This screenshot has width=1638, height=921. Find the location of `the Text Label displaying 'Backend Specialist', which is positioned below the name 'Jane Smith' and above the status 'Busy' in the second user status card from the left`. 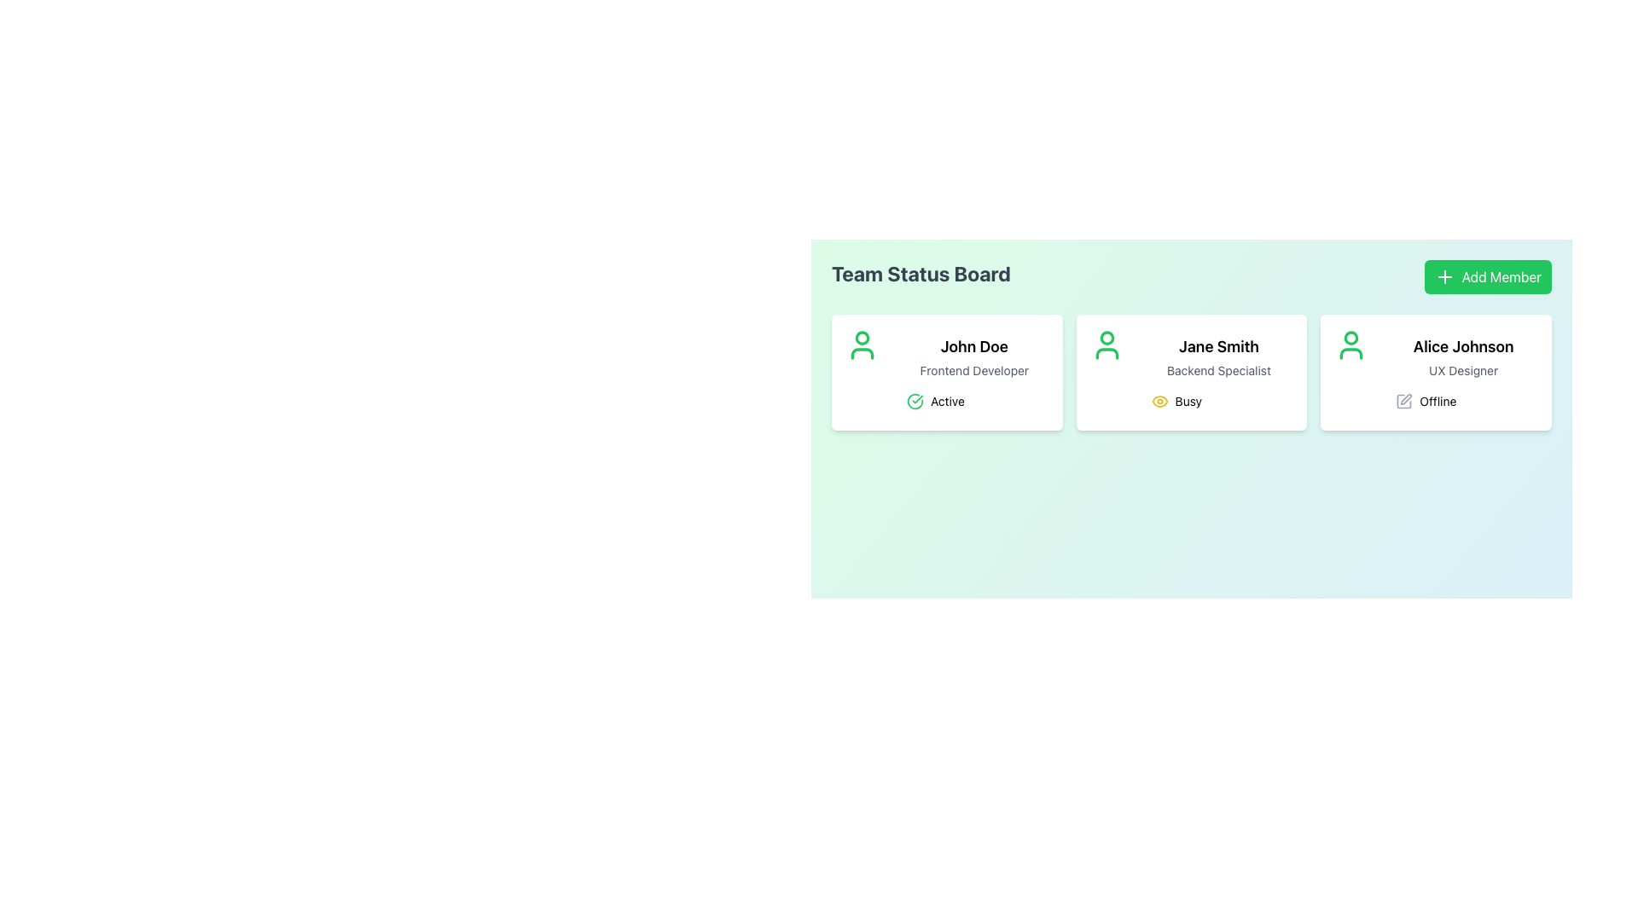

the Text Label displaying 'Backend Specialist', which is positioned below the name 'Jane Smith' and above the status 'Busy' in the second user status card from the left is located at coordinates (1218, 370).